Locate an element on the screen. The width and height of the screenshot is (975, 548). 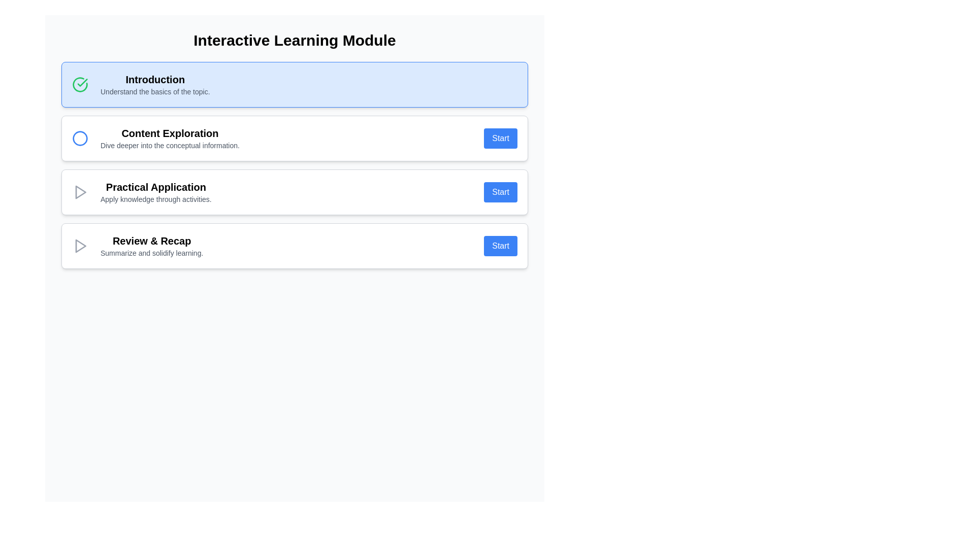
the circular SVG graphic icon located next to the 'Content Exploration' section, which serves as a decorative or indicative icon is located at coordinates (80, 139).